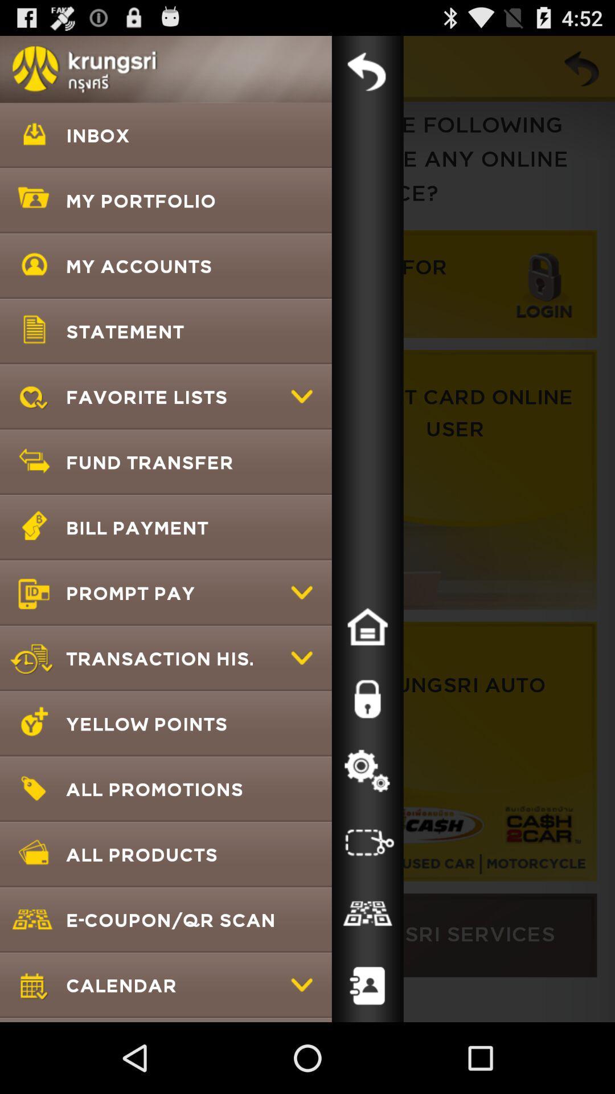  What do you see at coordinates (367, 914) in the screenshot?
I see `qr code` at bounding box center [367, 914].